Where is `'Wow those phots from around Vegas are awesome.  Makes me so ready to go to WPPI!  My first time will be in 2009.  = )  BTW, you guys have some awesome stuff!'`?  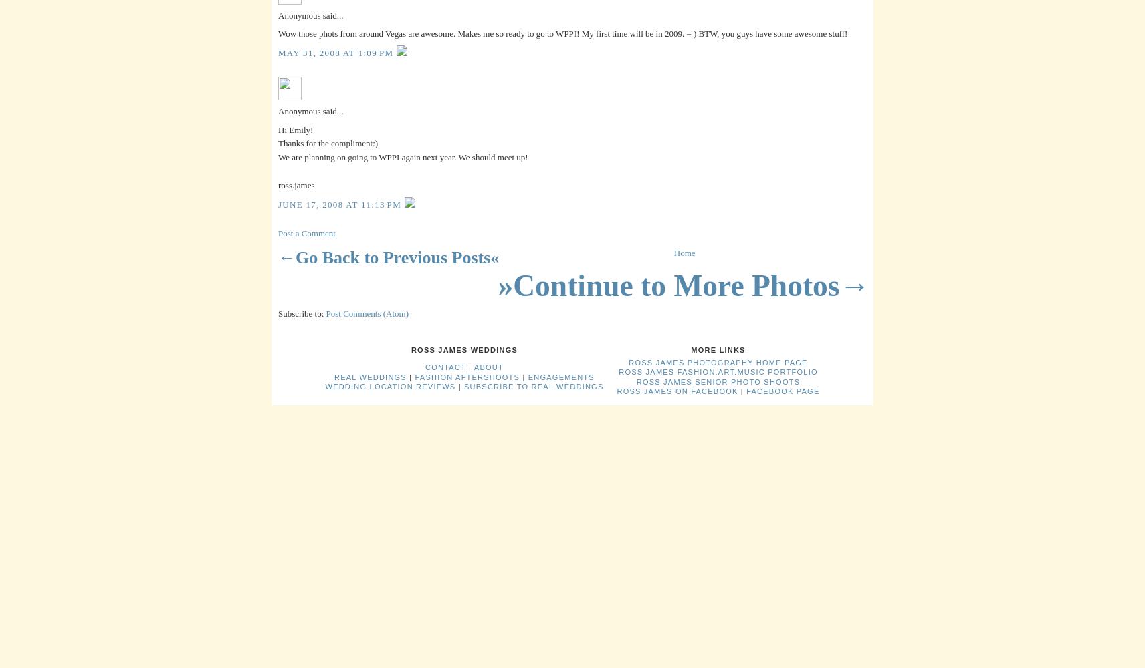
'Wow those phots from around Vegas are awesome.  Makes me so ready to go to WPPI!  My first time will be in 2009.  = )  BTW, you guys have some awesome stuff!' is located at coordinates (562, 33).